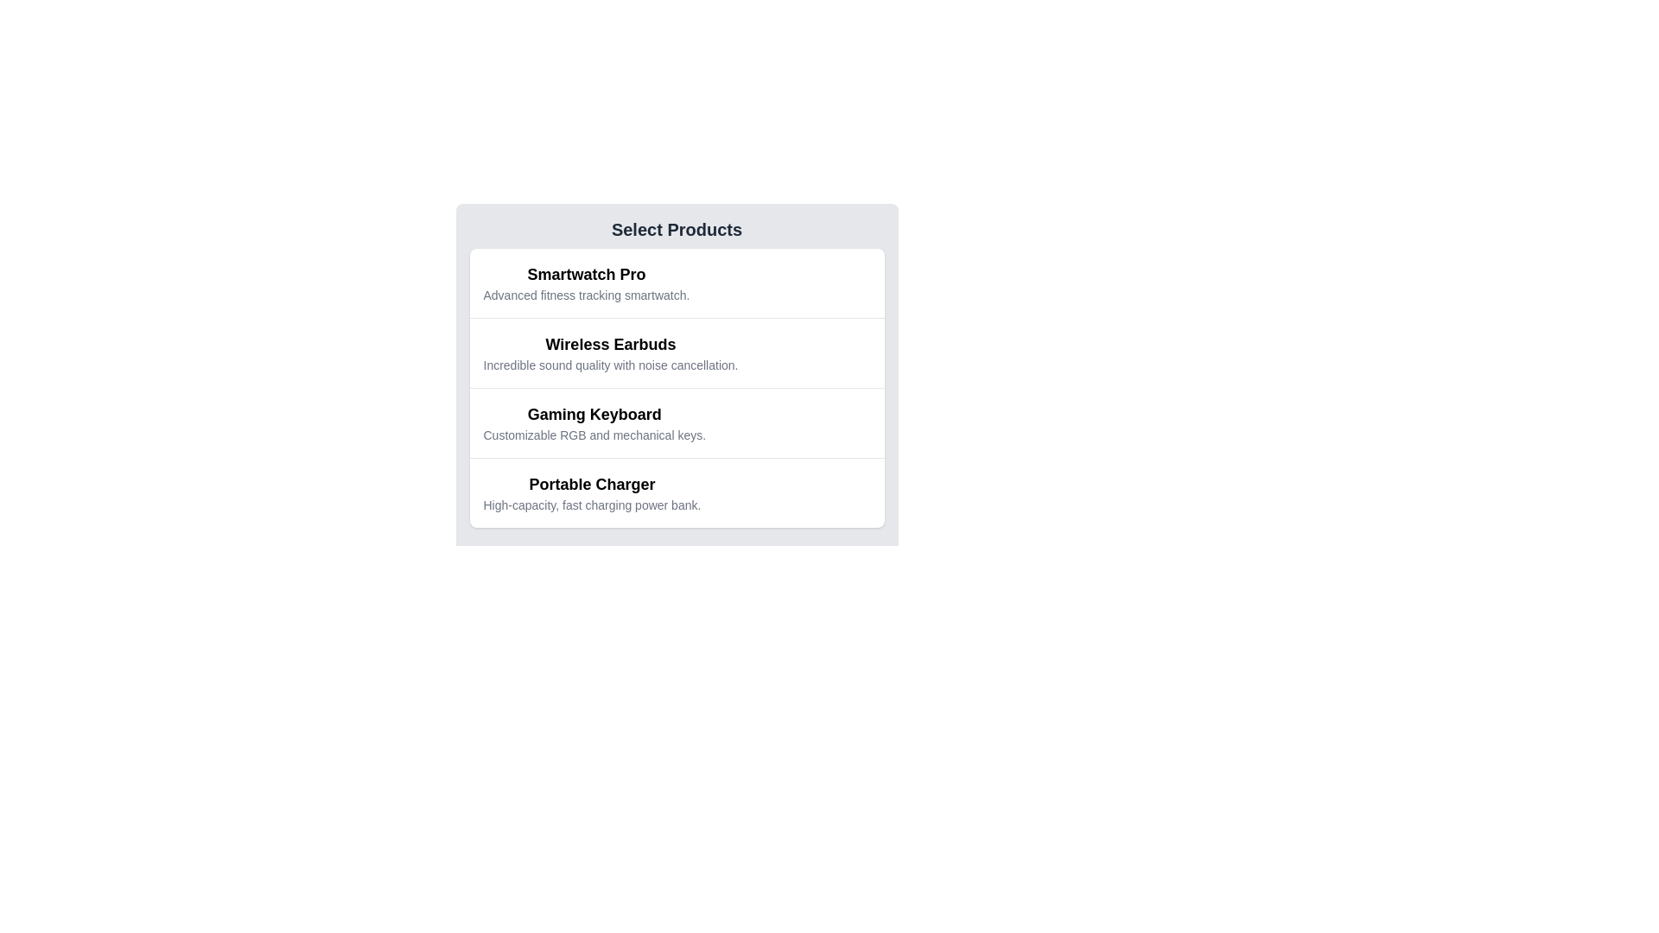  I want to click on the list item card displaying 'Gaming Keyboard' within the 'Select Products' selection panel for more information, so click(676, 405).